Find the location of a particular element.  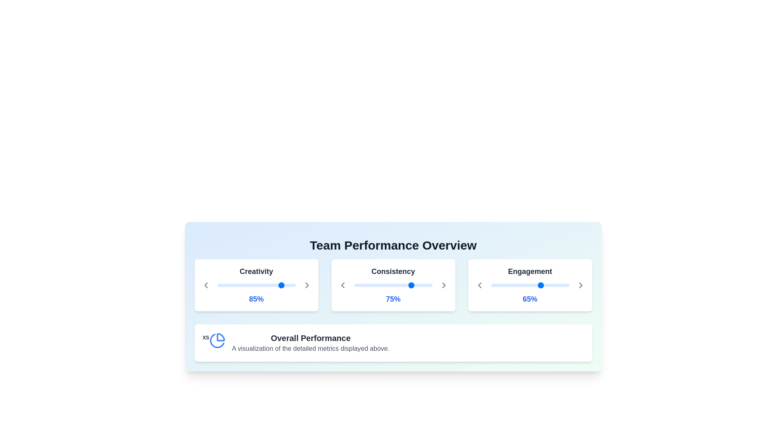

the slider value is located at coordinates (234, 285).